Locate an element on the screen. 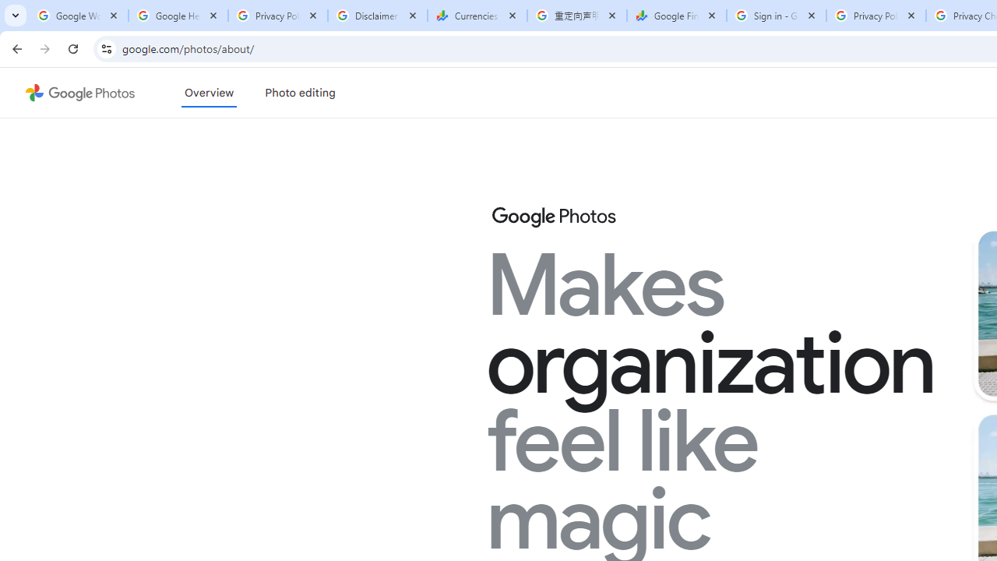 The image size is (997, 561). 'Visit the photo editing page' is located at coordinates (300, 93).